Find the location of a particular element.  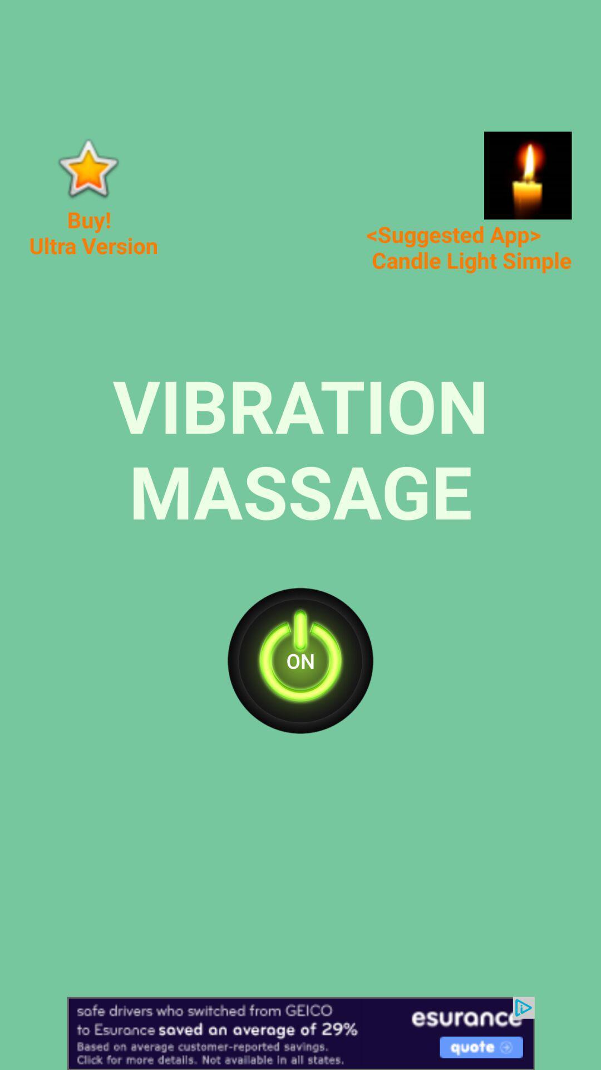

suggested page is located at coordinates (527, 175).